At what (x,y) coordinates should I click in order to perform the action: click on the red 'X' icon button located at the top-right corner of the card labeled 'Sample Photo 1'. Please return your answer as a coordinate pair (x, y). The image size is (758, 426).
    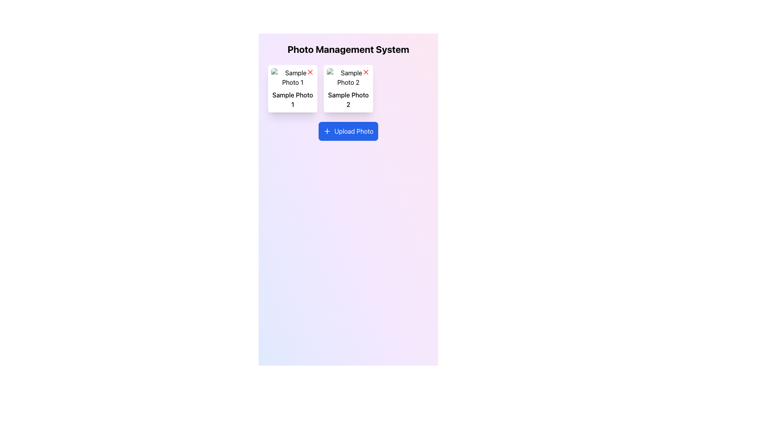
    Looking at the image, I should click on (310, 72).